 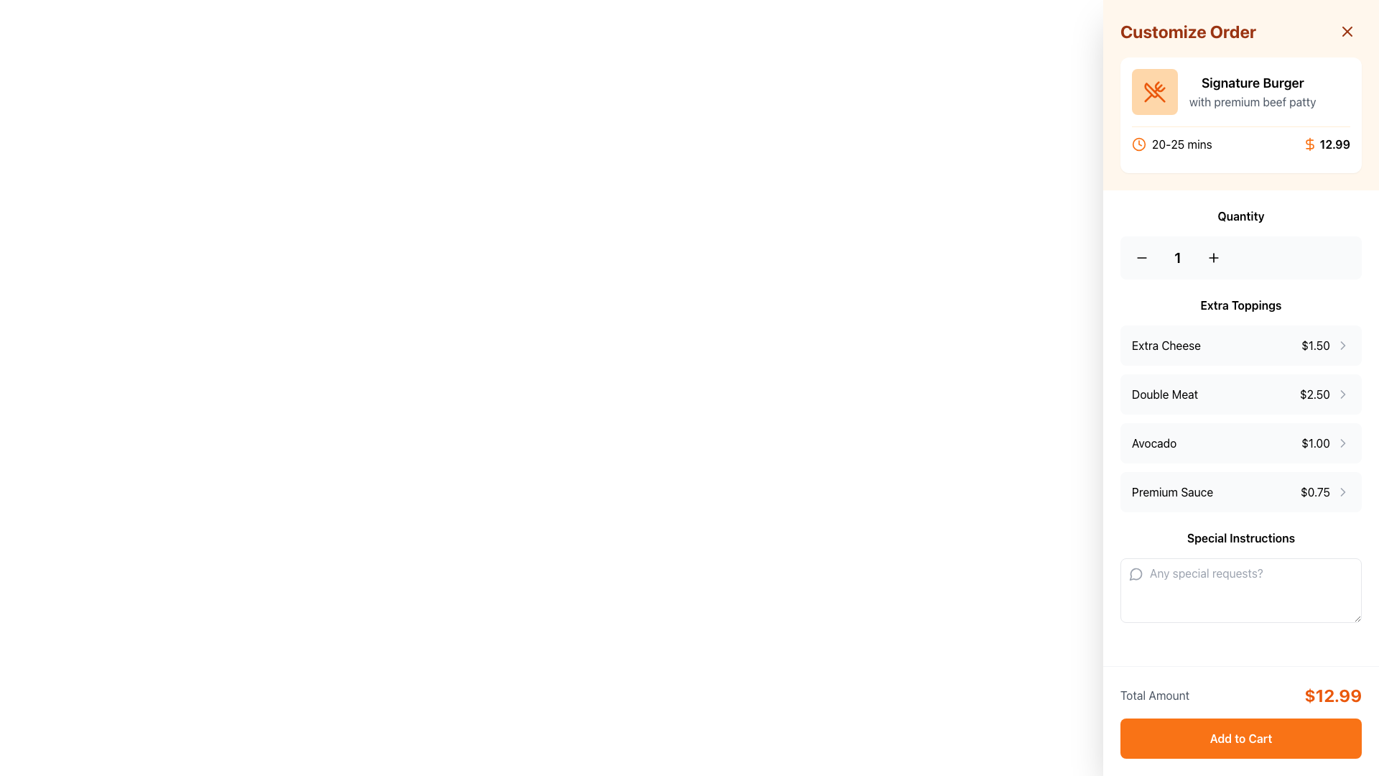 I want to click on the chevron icon located at the far right of the 'Extra Cheese' entry in the Extra Toppings section, so click(x=1342, y=346).